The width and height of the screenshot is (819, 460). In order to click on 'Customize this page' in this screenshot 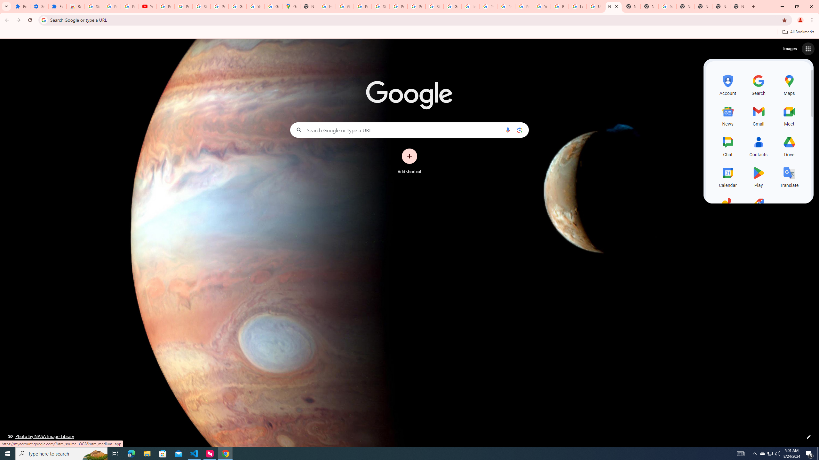, I will do `click(808, 437)`.